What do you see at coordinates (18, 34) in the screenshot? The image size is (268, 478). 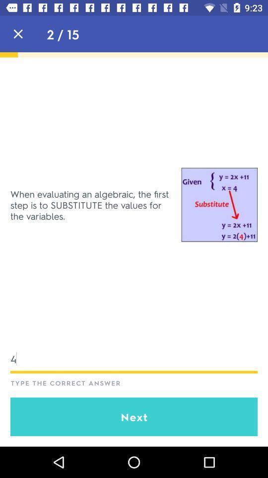 I see `the icon next to the 2 / 15 item` at bounding box center [18, 34].